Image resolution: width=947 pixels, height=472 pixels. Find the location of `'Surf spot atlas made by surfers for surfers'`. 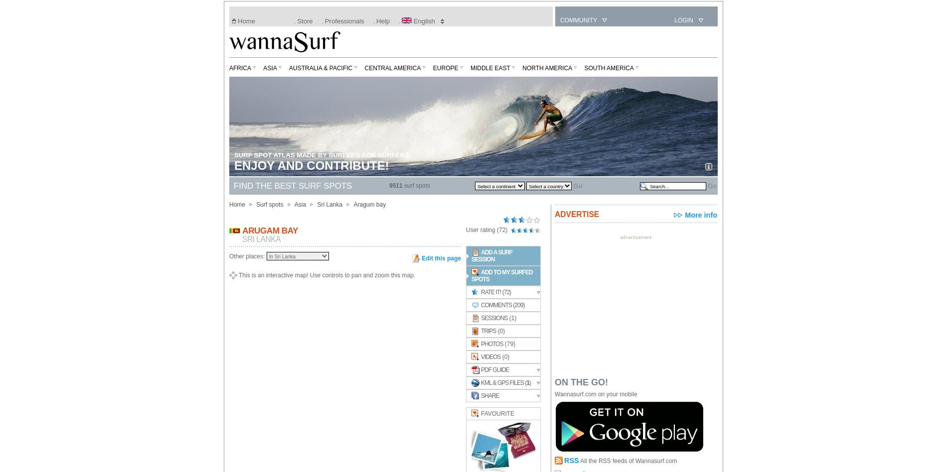

'Surf spot atlas made by surfers for surfers' is located at coordinates (321, 155).